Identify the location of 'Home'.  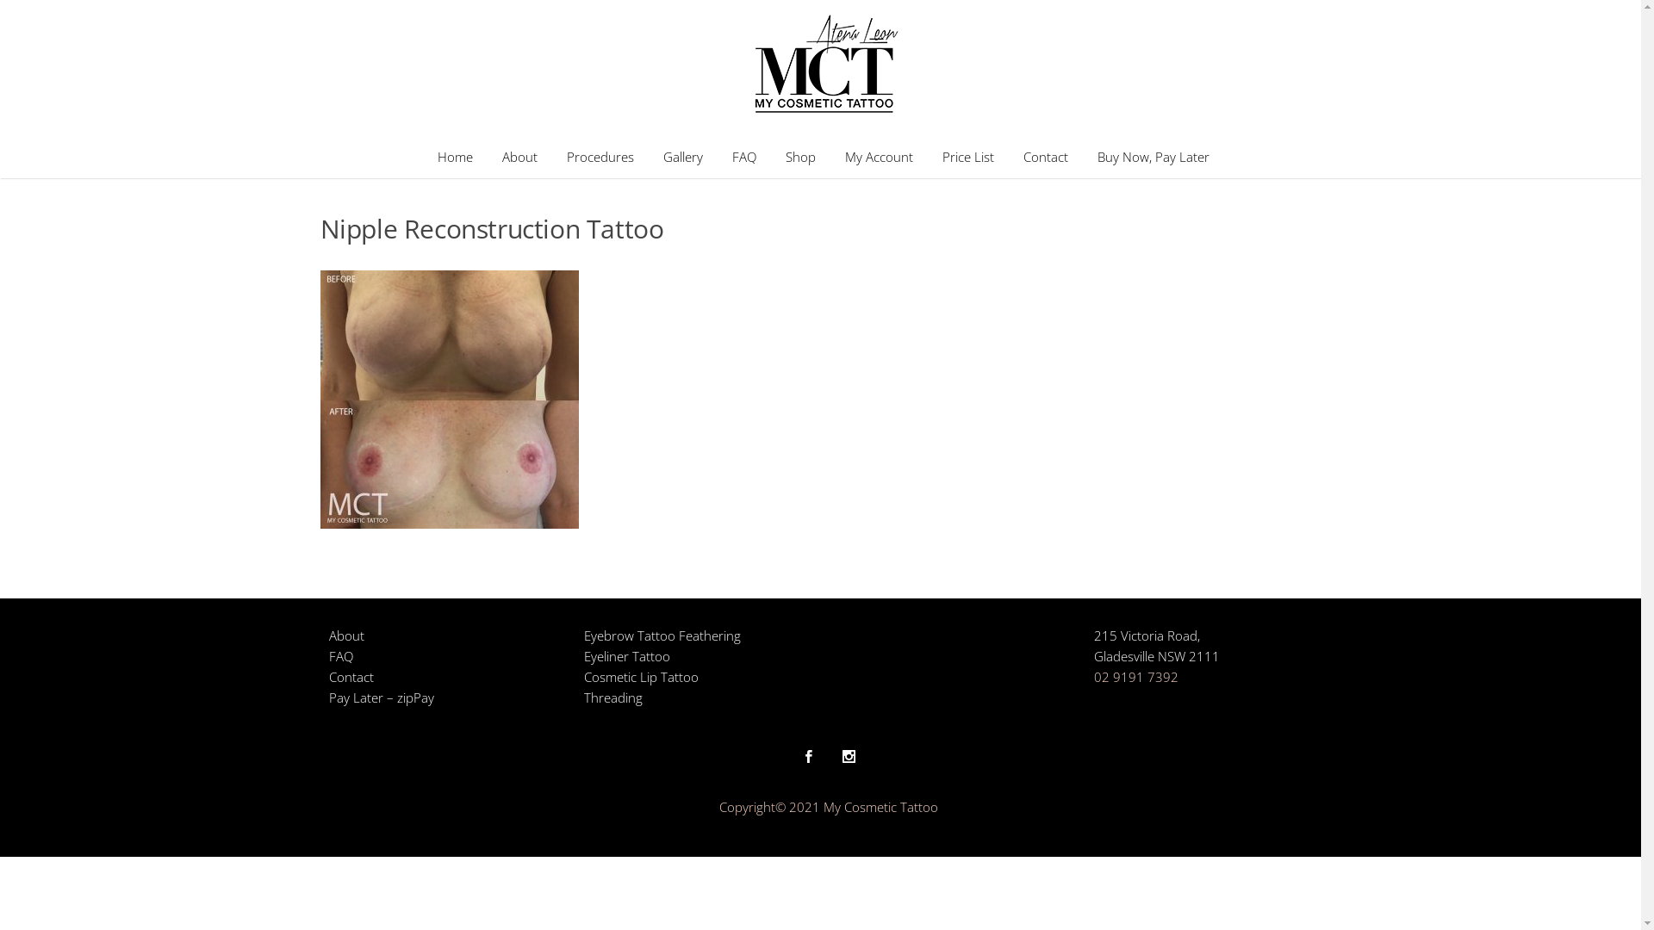
(425, 156).